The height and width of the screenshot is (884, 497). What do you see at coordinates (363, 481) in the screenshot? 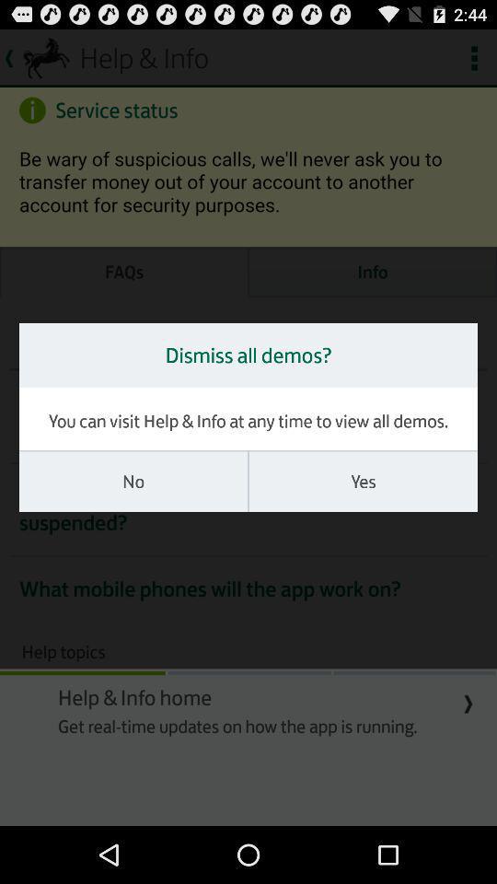
I see `yes on the right` at bounding box center [363, 481].